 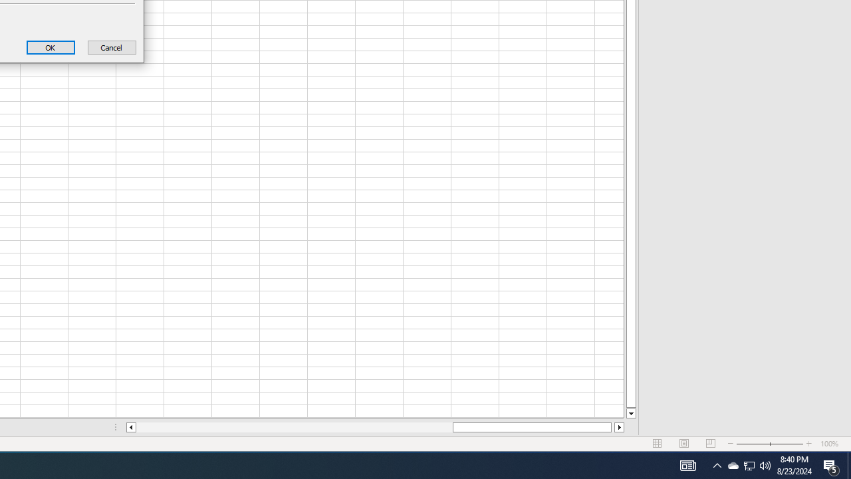 I want to click on 'User Promoted Notification Area', so click(x=749, y=464).